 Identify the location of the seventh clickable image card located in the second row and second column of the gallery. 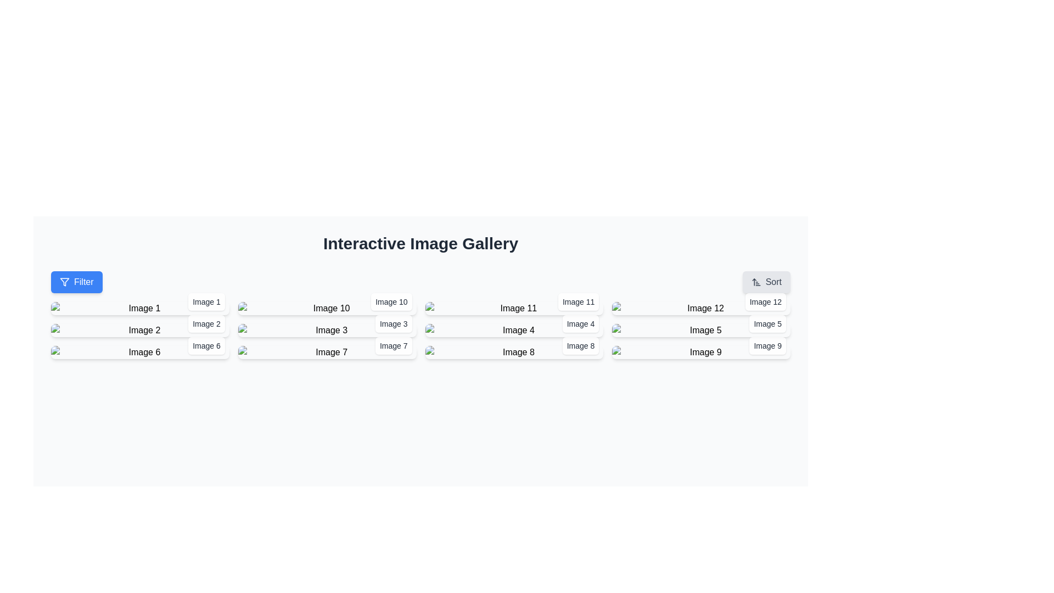
(327, 352).